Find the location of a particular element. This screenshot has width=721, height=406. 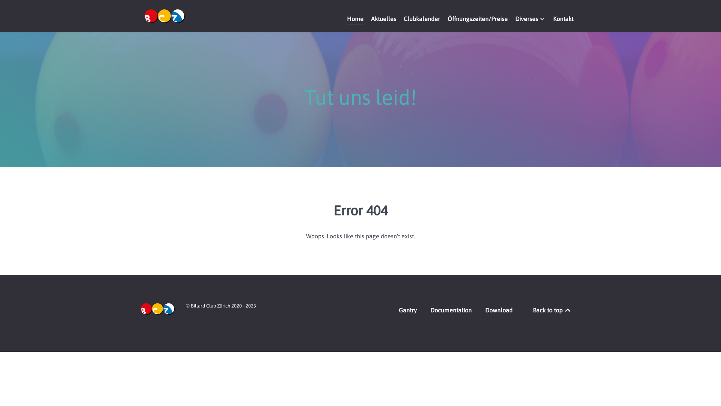

'Home' is located at coordinates (354, 19).